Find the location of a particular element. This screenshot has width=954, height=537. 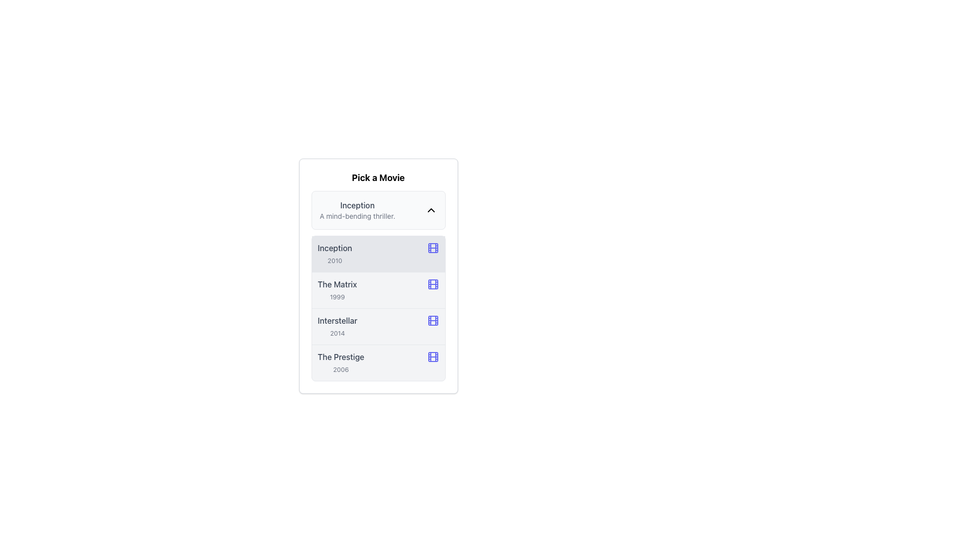

text label displaying 'The Matrix' in bold font, which is the second item in a vertical list of movies is located at coordinates (337, 290).